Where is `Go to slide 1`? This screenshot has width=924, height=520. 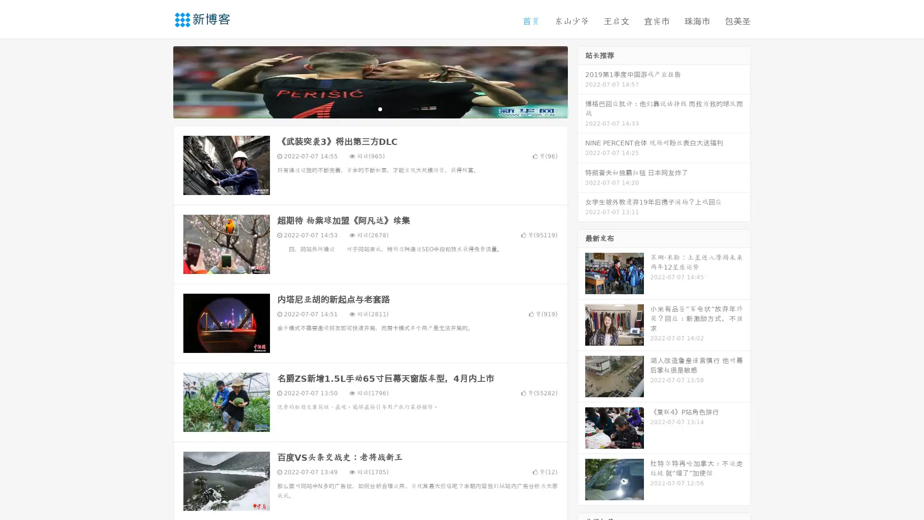 Go to slide 1 is located at coordinates (360, 108).